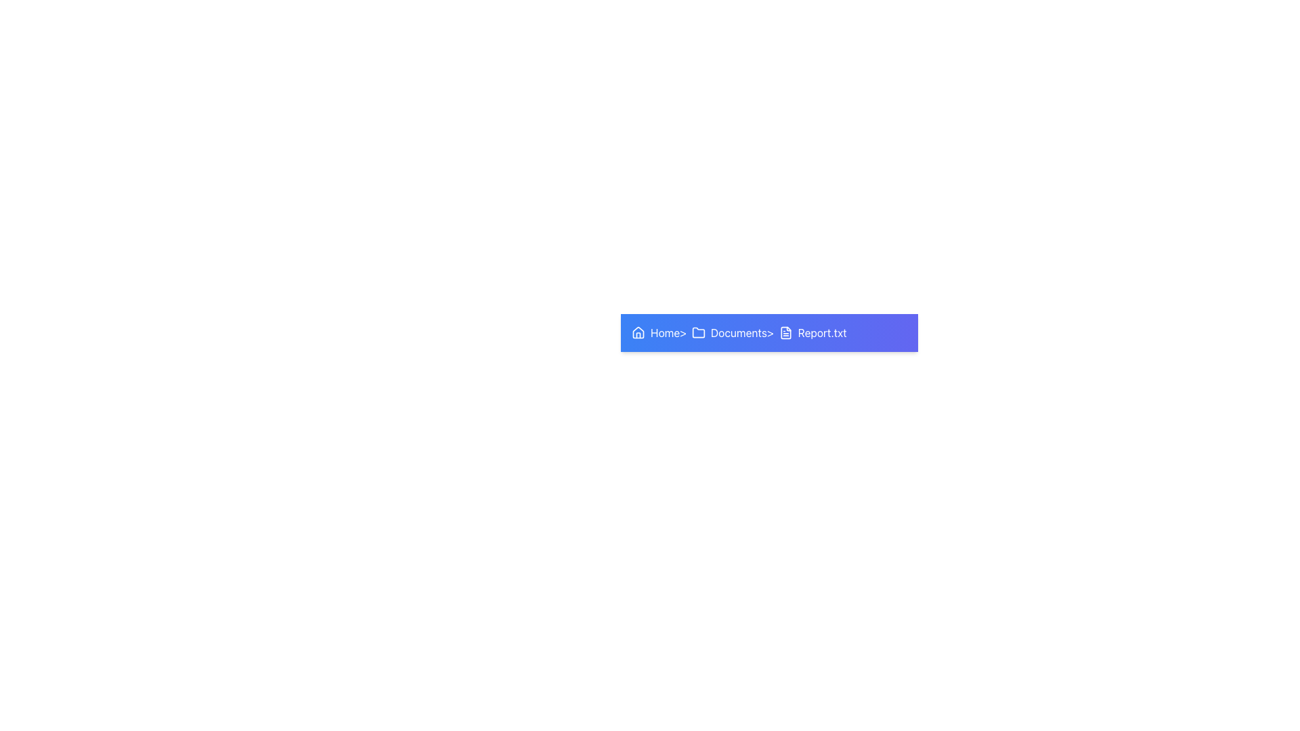  What do you see at coordinates (637, 333) in the screenshot?
I see `the small, line-based house icon on the blue background` at bounding box center [637, 333].